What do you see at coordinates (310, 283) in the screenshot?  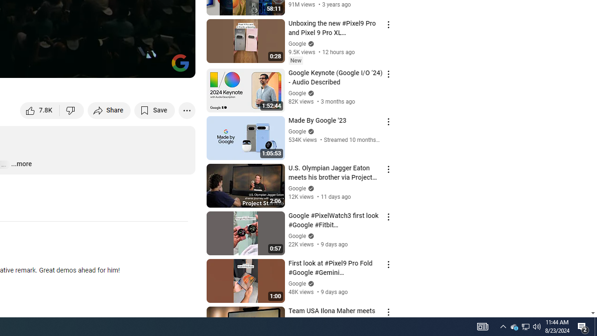 I see `'Verified'` at bounding box center [310, 283].